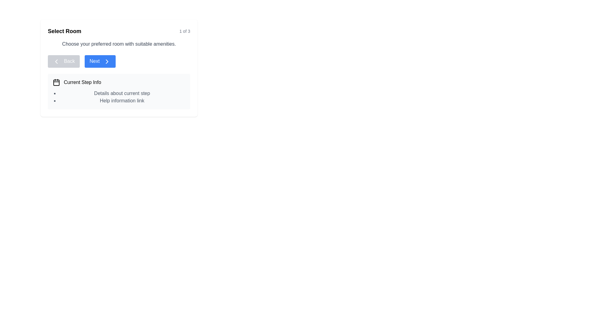  I want to click on the unordered list containing 'Details about current step' and 'Help information link', which is styled with bullets and located in the 'Current Step Info' section, so click(119, 97).